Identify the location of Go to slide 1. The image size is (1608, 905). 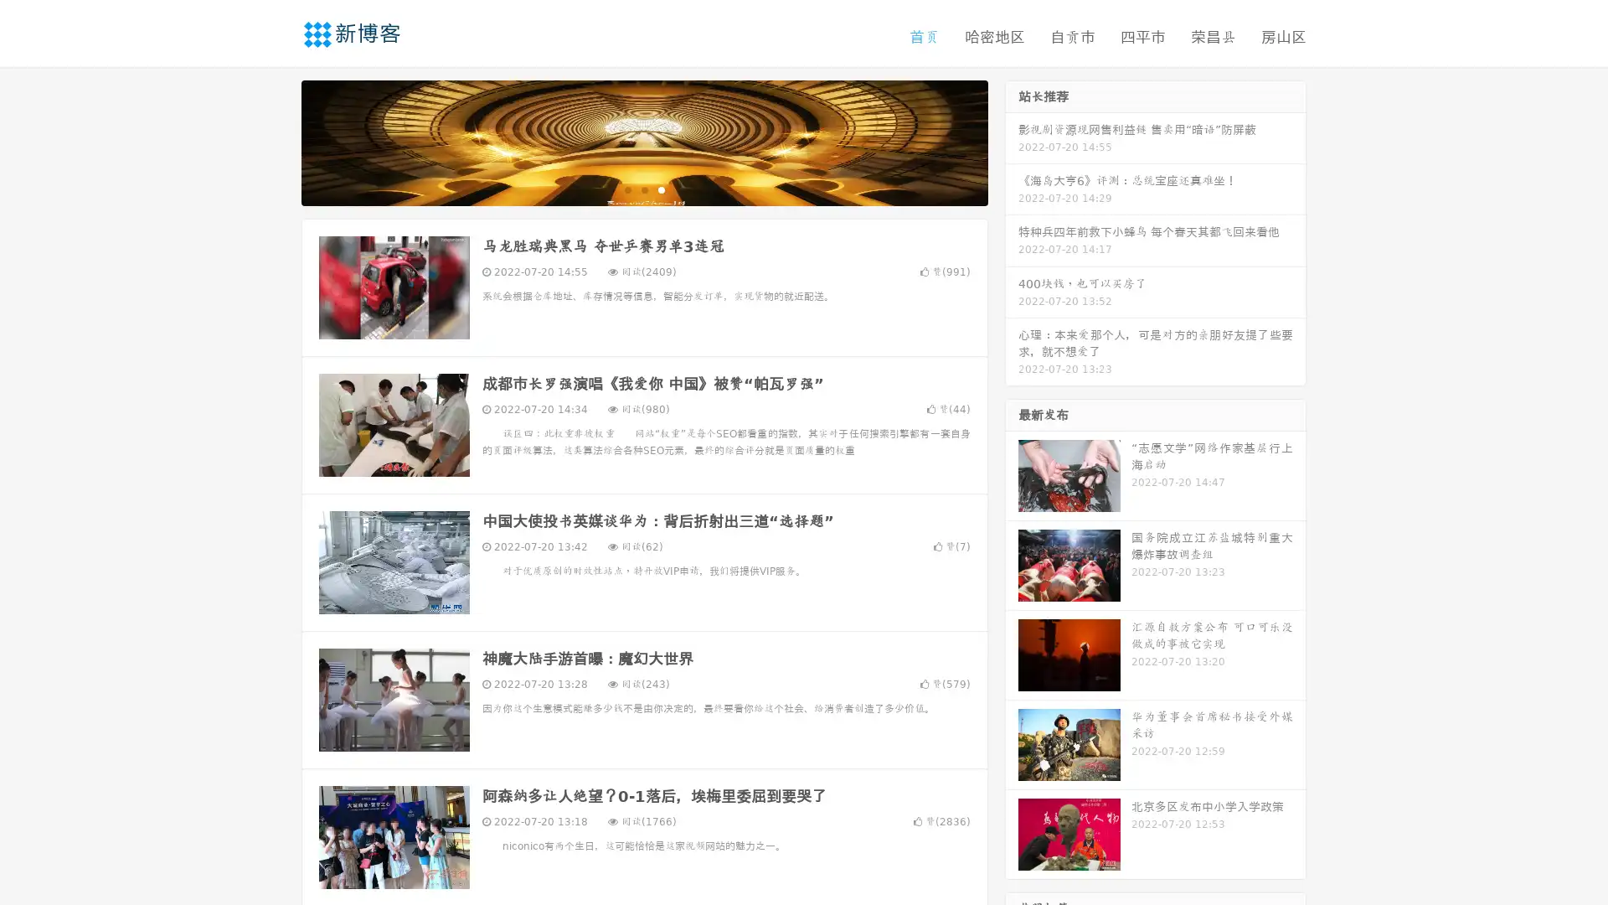
(626, 189).